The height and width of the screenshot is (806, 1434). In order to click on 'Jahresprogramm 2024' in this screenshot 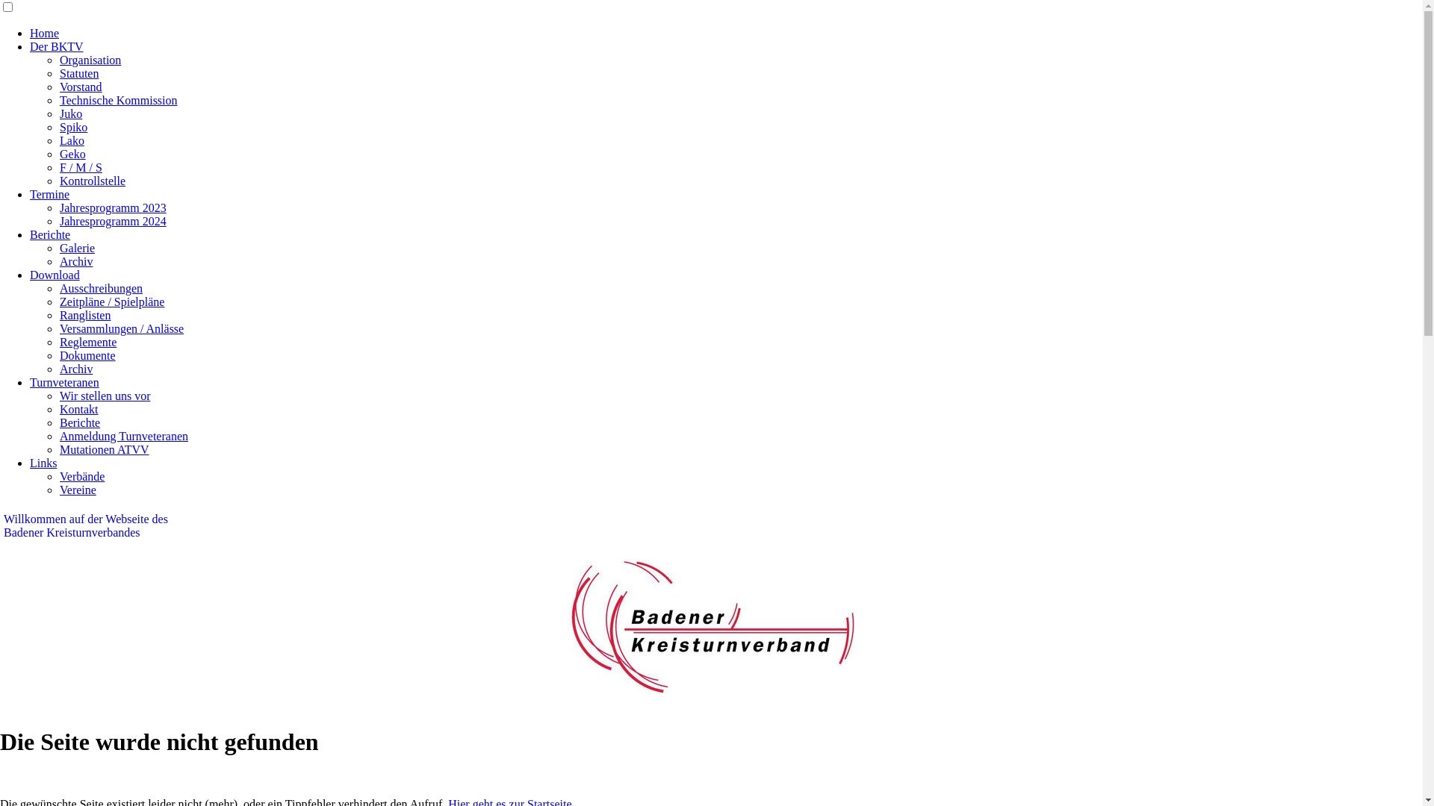, I will do `click(112, 221)`.